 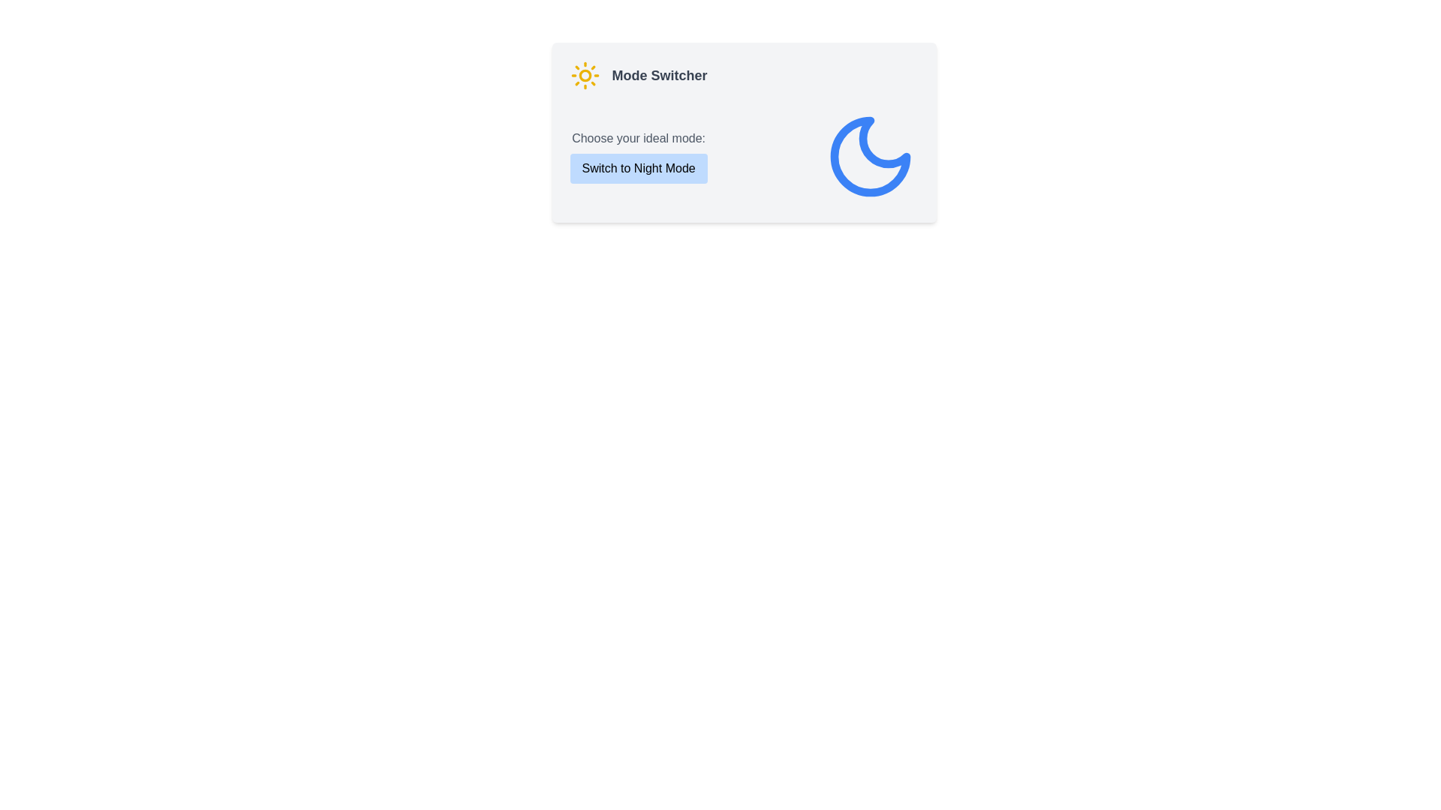 I want to click on the 'Switch to Night Mode' button located beneath the label 'Choose your ideal mode:', so click(x=639, y=156).